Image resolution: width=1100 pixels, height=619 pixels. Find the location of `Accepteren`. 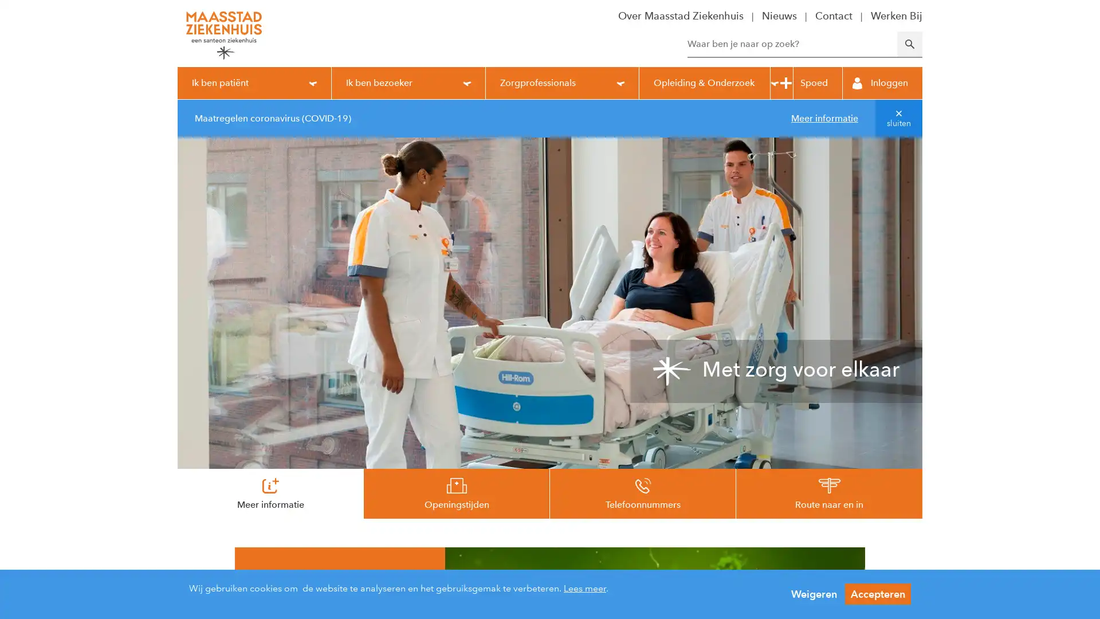

Accepteren is located at coordinates (877, 593).